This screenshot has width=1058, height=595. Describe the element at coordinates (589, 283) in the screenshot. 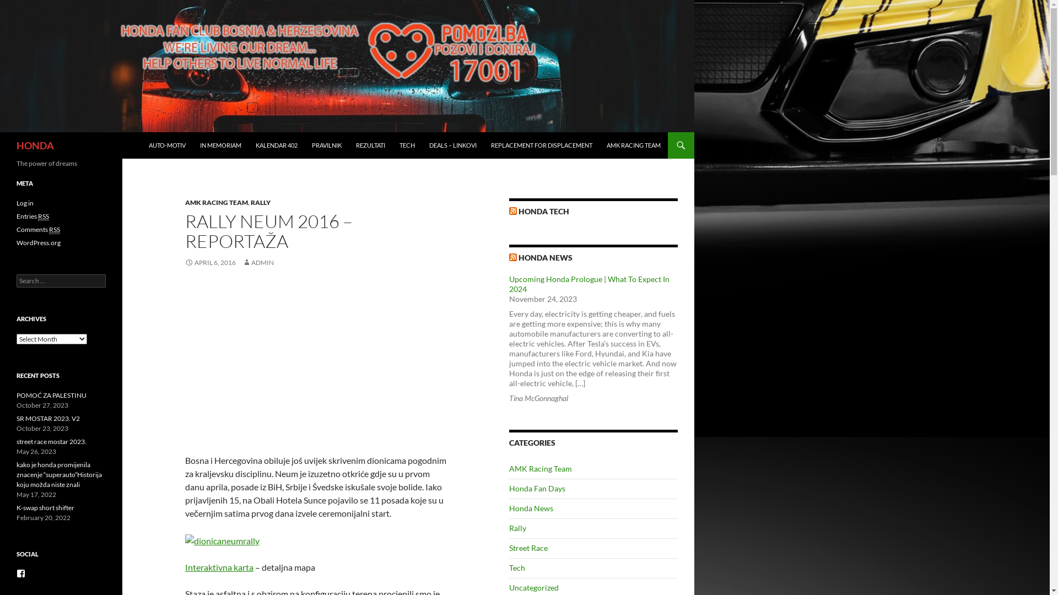

I see `'Upcoming Honda Prologue | What To Expect In 2024'` at that location.